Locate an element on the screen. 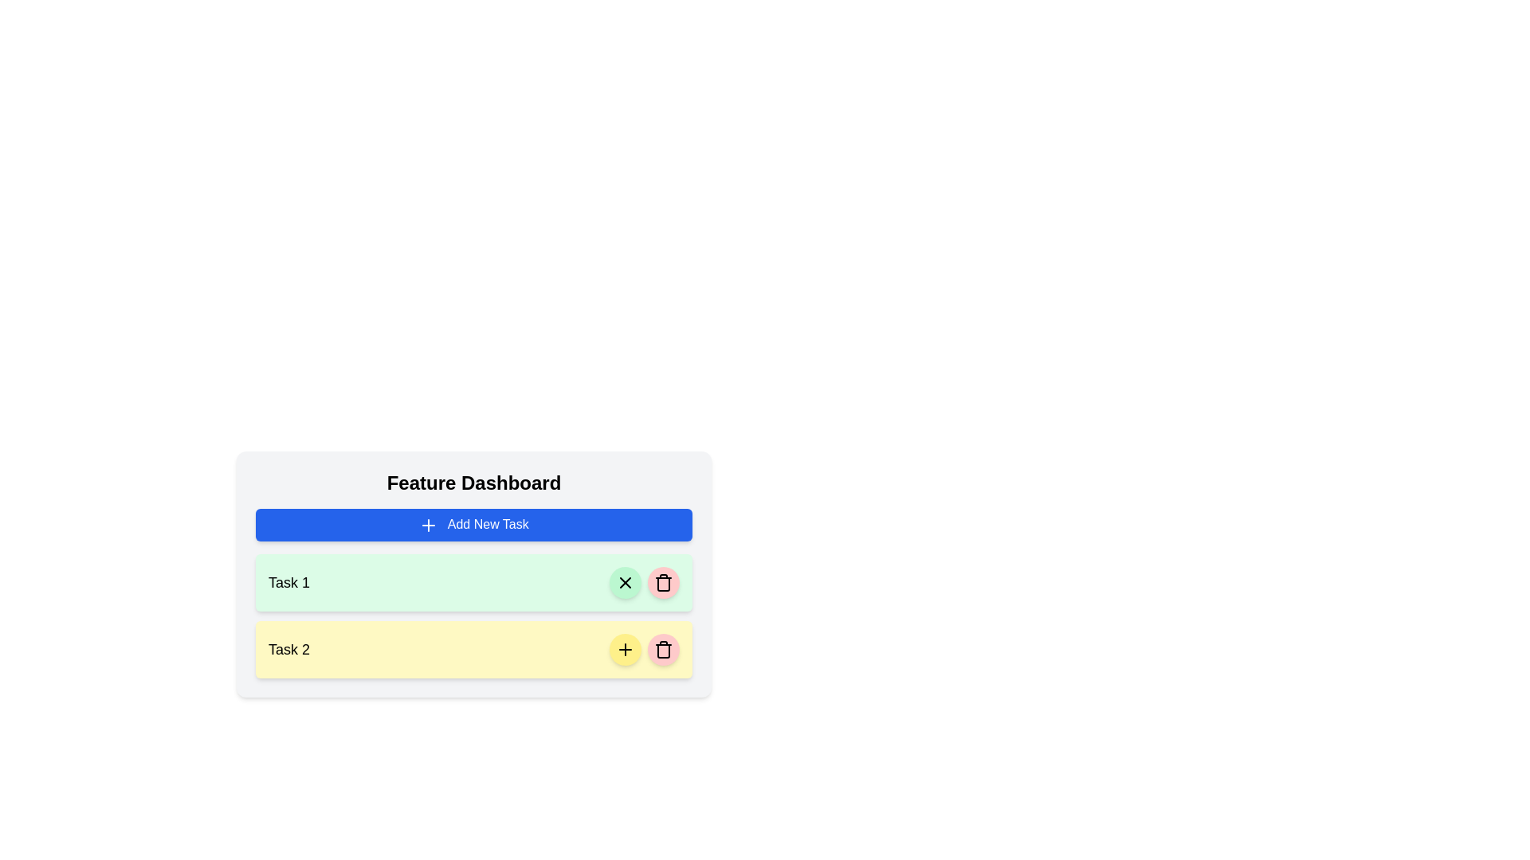 This screenshot has width=1530, height=860. task title from the text label located in the green highlighted task box, which is the first task from the top in the list is located at coordinates (289, 582).